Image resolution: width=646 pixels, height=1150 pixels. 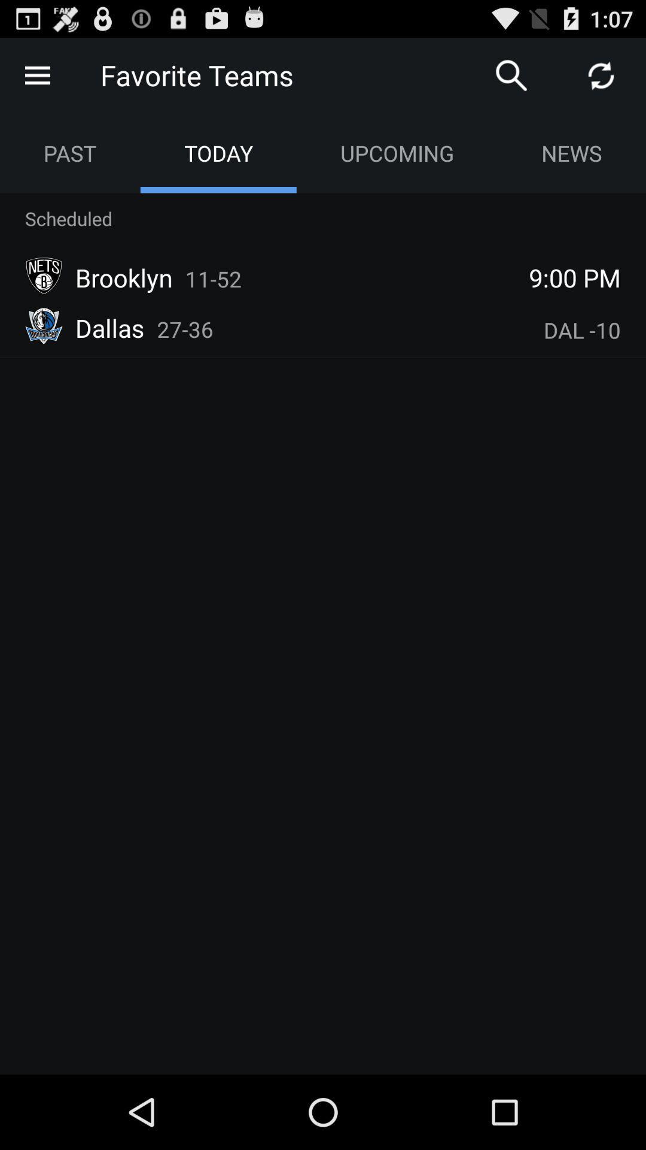 What do you see at coordinates (36, 74) in the screenshot?
I see `the menu` at bounding box center [36, 74].